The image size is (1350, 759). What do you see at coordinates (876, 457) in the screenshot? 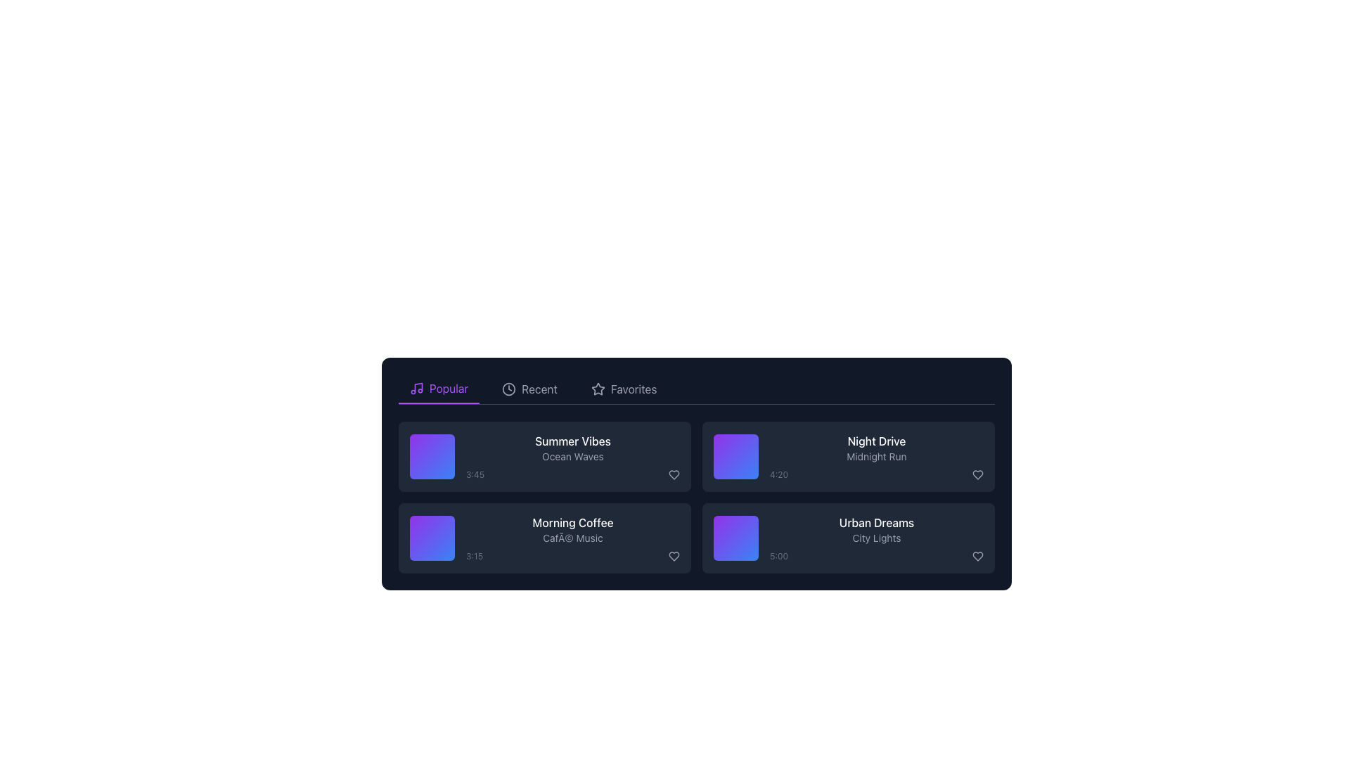
I see `the text label displaying 'Midnight Run' in light gray color, which is positioned below the 'Night Drive' title in the content box` at bounding box center [876, 457].